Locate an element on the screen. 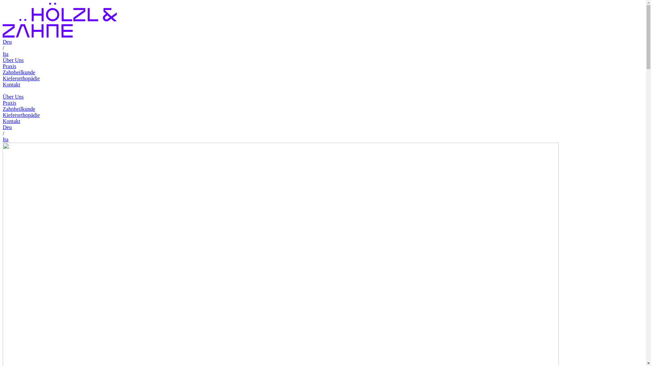 The width and height of the screenshot is (651, 366). 'Praxis' is located at coordinates (9, 66).